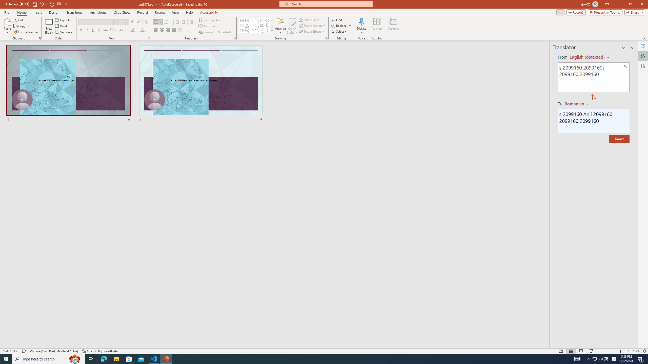 This screenshot has width=648, height=364. What do you see at coordinates (262, 20) in the screenshot?
I see `'Rectangle'` at bounding box center [262, 20].